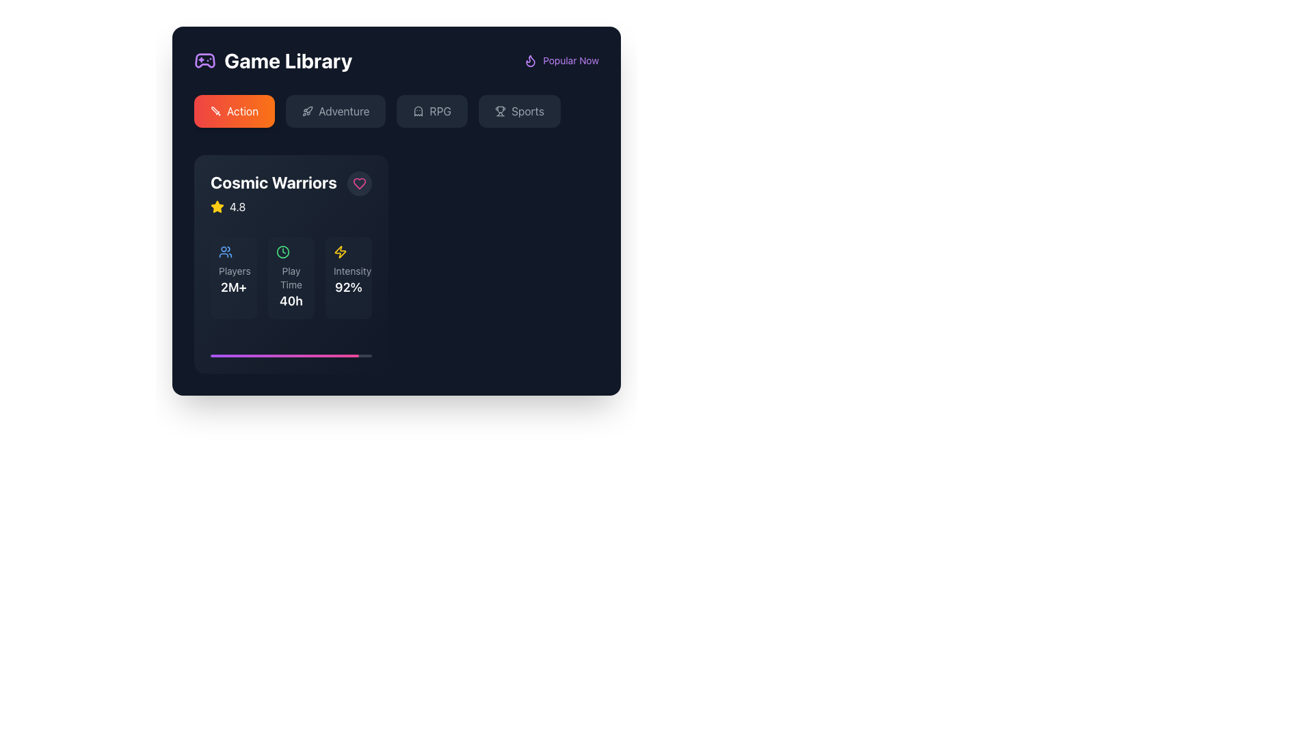  Describe the element at coordinates (233, 271) in the screenshot. I see `the 'Players' text label displayed in light gray color, which is positioned above the numeric value '2M+' in a dark gray rounded box` at that location.